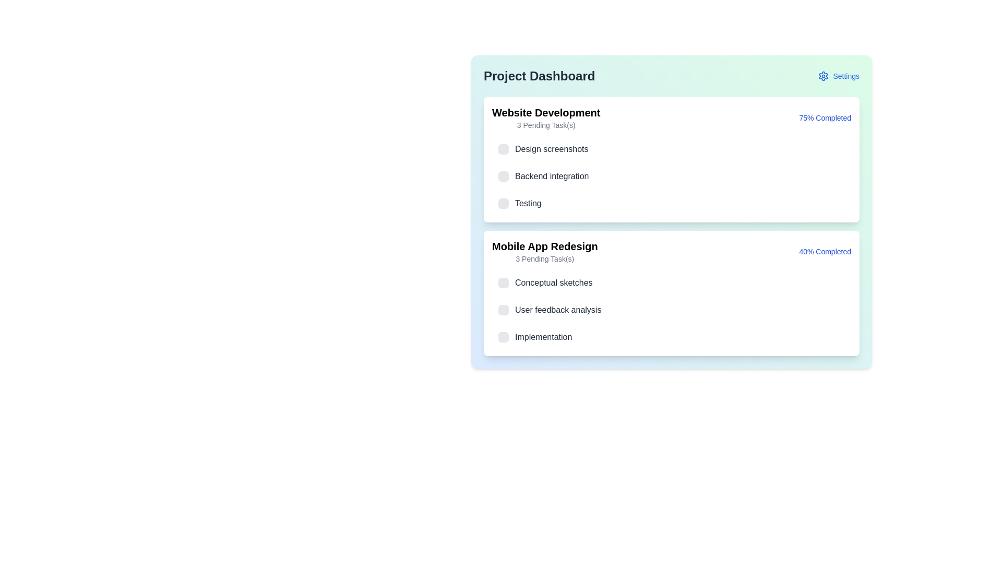 The width and height of the screenshot is (1002, 564). I want to click on the settings gear icon located in the top-right corner of the dashboard interface, positioned to the left of the 'Settings' label, so click(823, 76).